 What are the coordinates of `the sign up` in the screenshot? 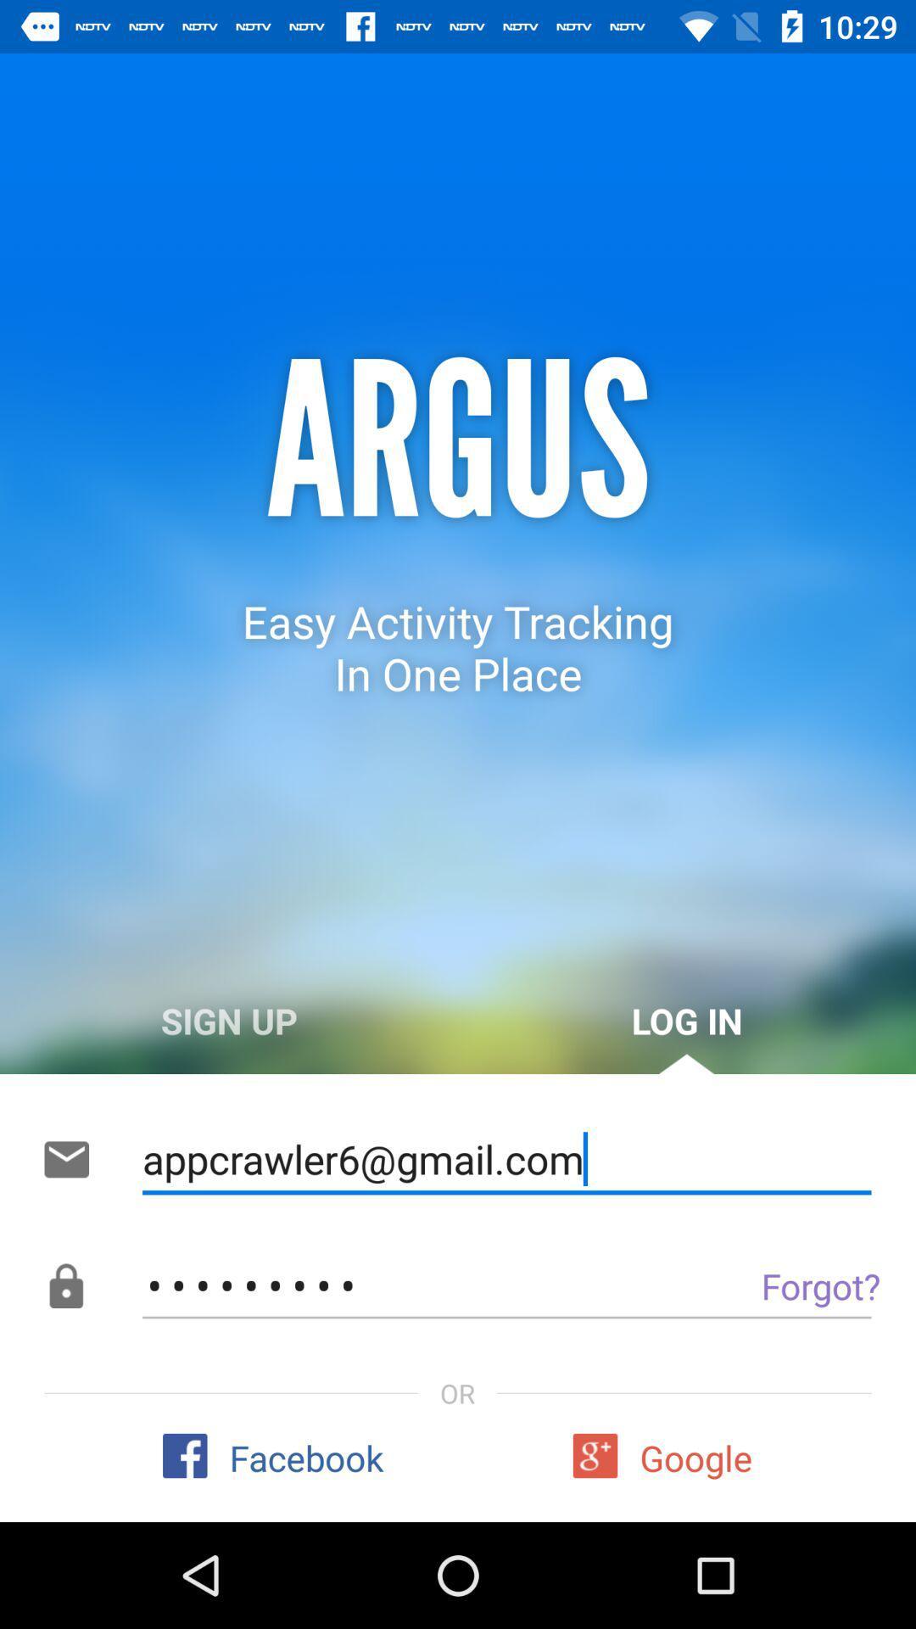 It's located at (229, 1020).